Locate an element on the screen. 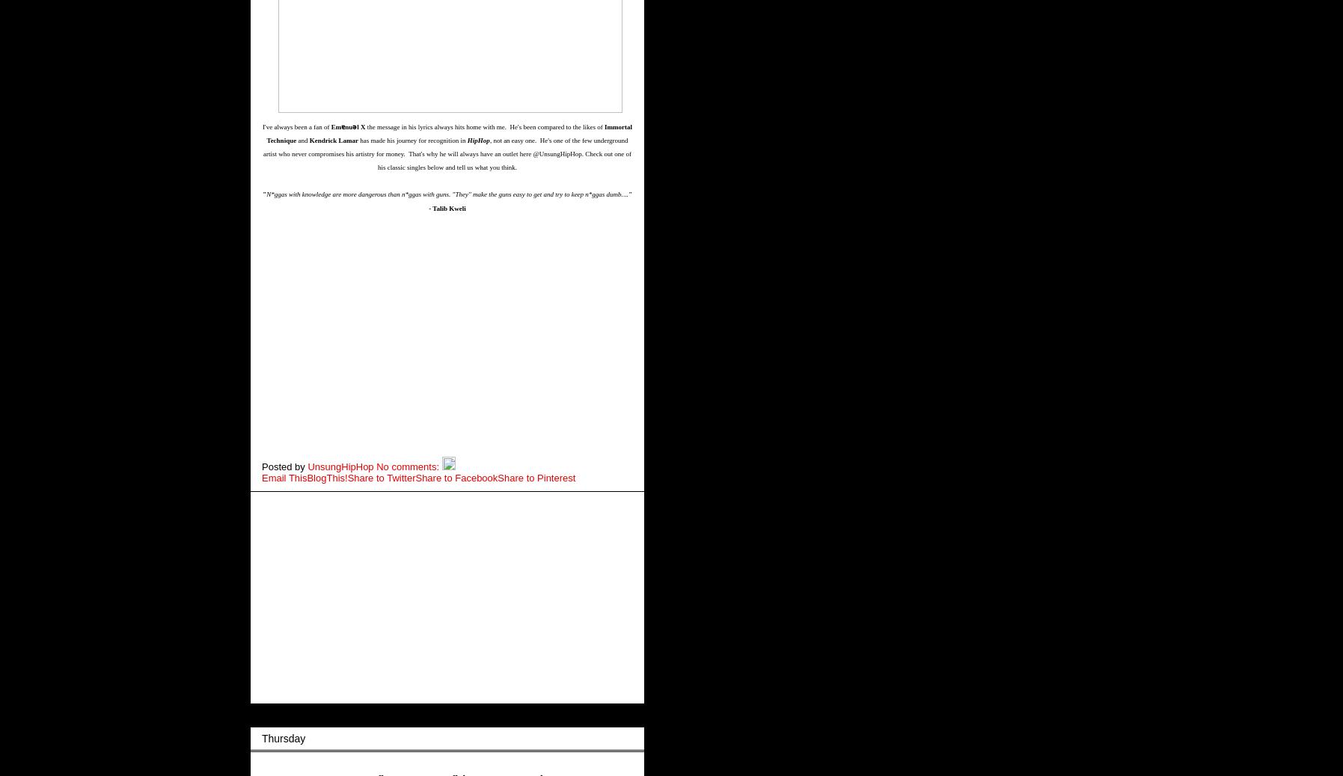 This screenshot has height=776, width=1343. '...' is located at coordinates (624, 194).